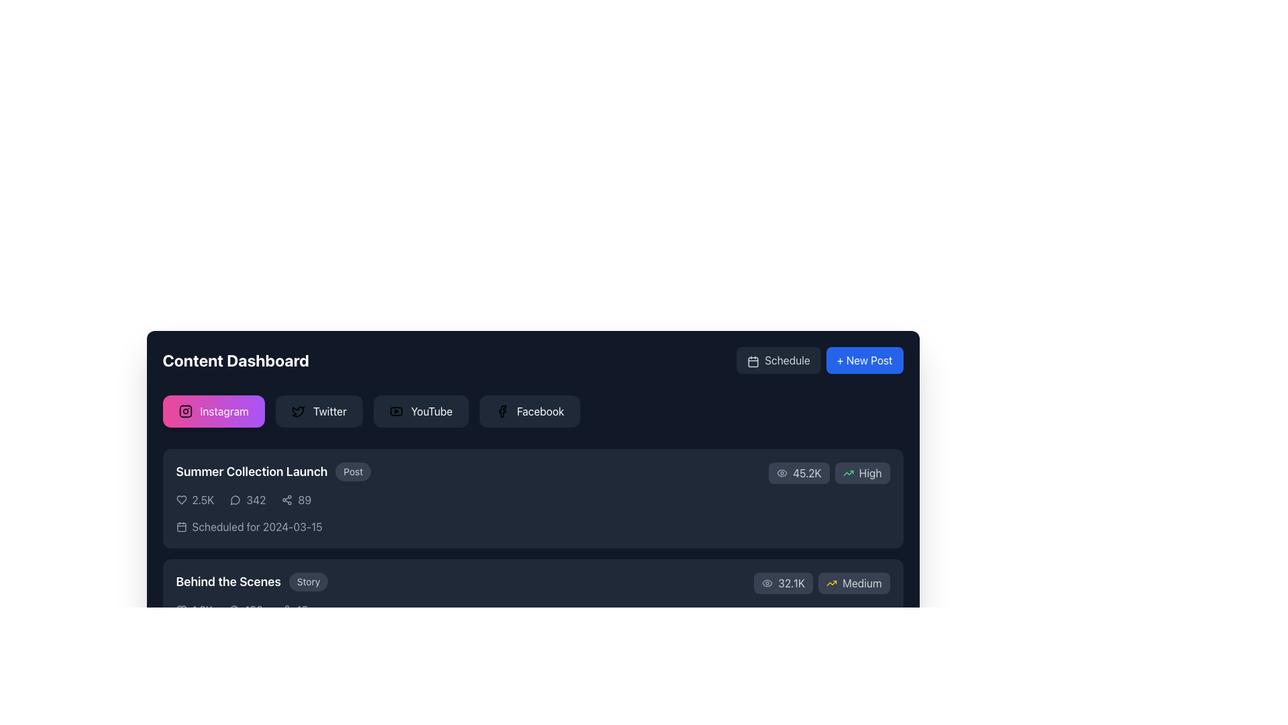  Describe the element at coordinates (828, 473) in the screenshot. I see `the informational badges displaying metrics related to the 'Summer Collection Launch' entry in the list` at that location.